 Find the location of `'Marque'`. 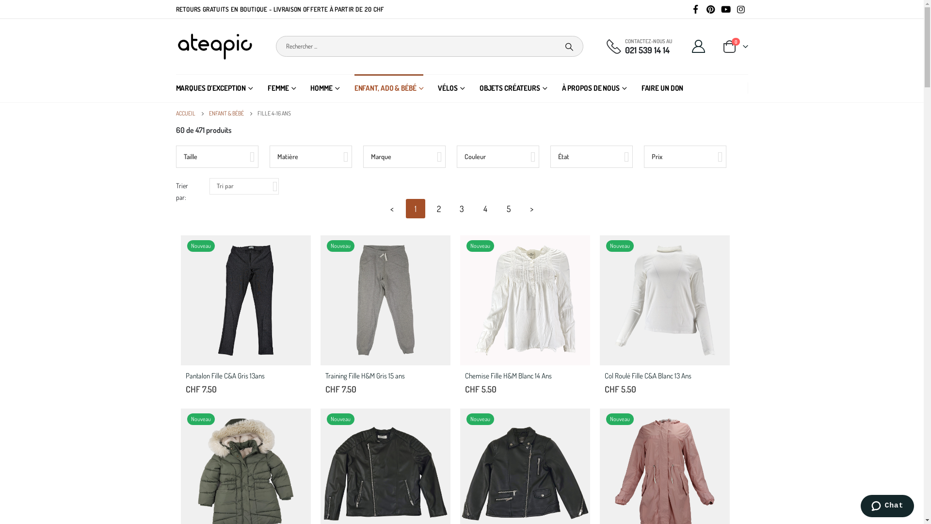

'Marque' is located at coordinates (404, 156).